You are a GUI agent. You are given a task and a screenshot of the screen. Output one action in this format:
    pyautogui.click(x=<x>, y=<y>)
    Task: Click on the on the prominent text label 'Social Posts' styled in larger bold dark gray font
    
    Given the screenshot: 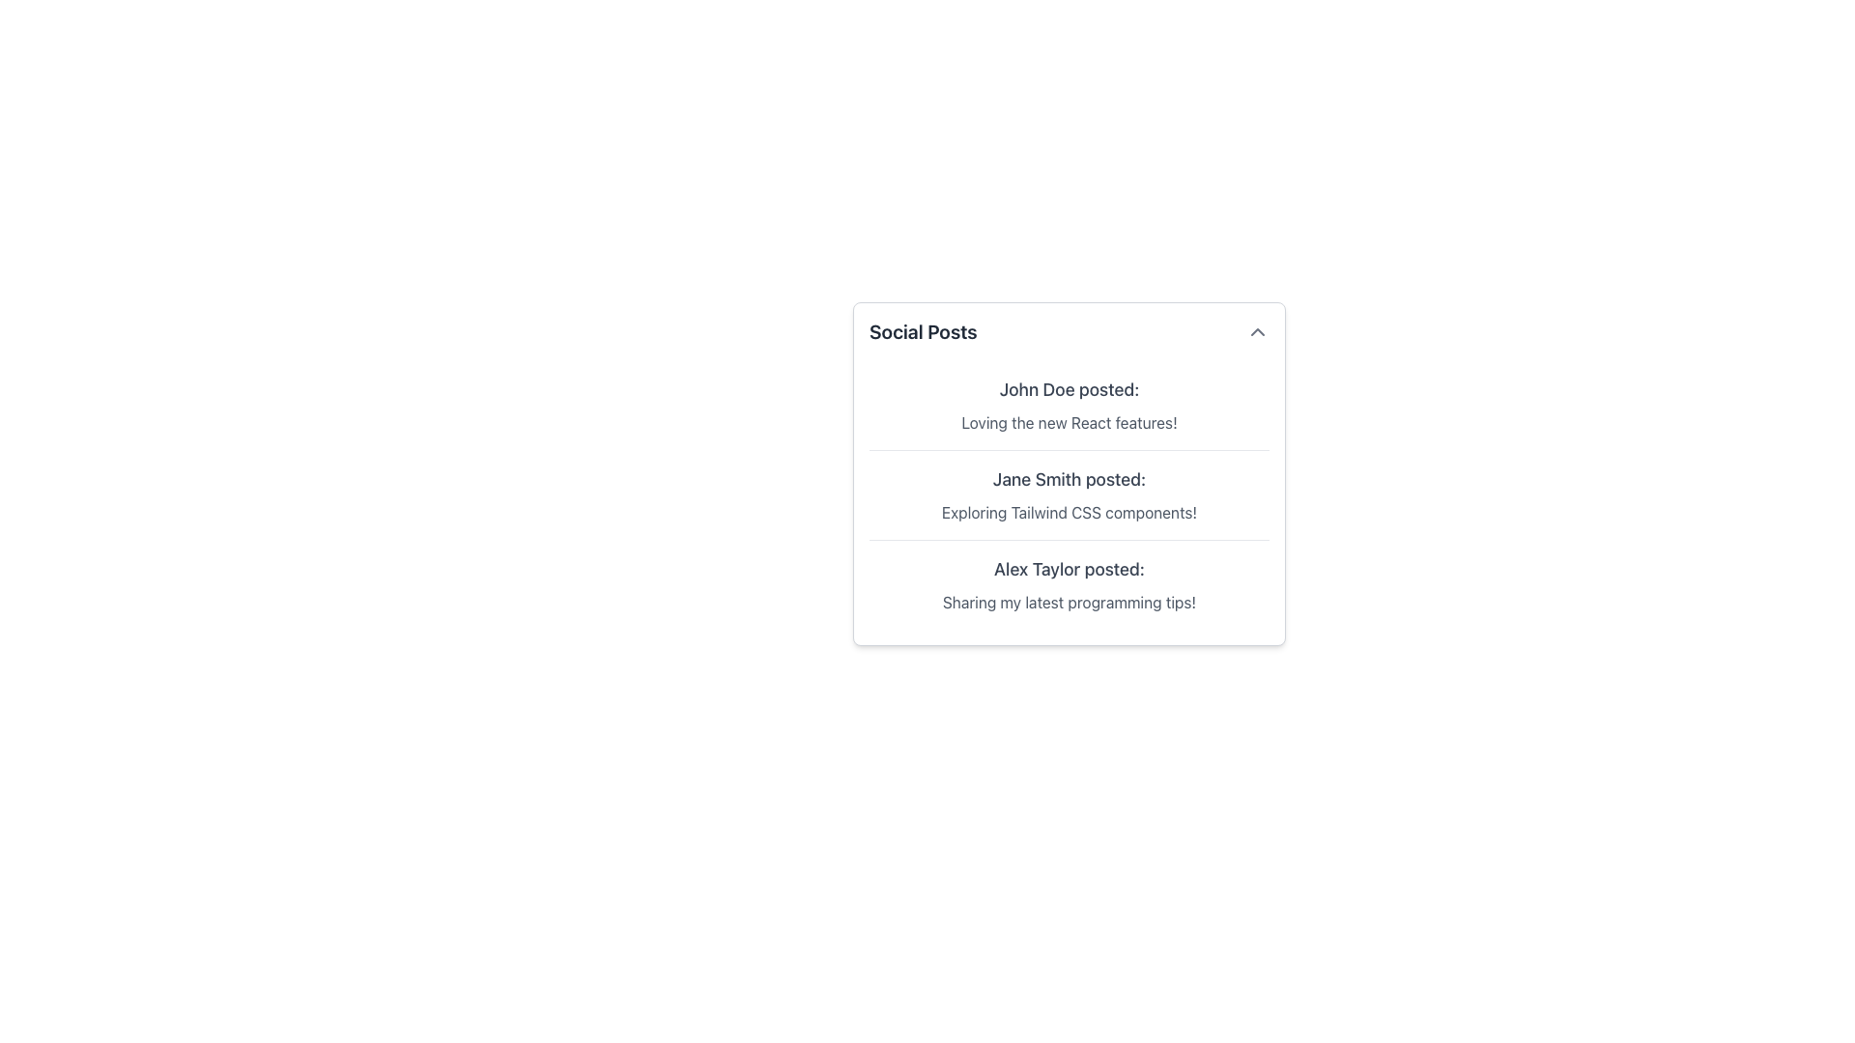 What is the action you would take?
    pyautogui.click(x=922, y=330)
    